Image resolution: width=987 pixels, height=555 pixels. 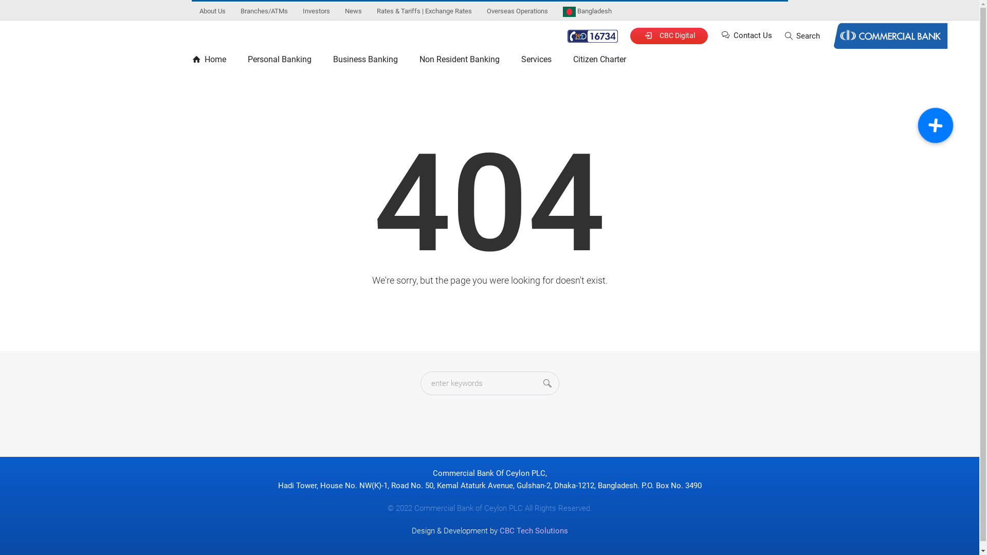 I want to click on 'Citizen Charter', so click(x=599, y=61).